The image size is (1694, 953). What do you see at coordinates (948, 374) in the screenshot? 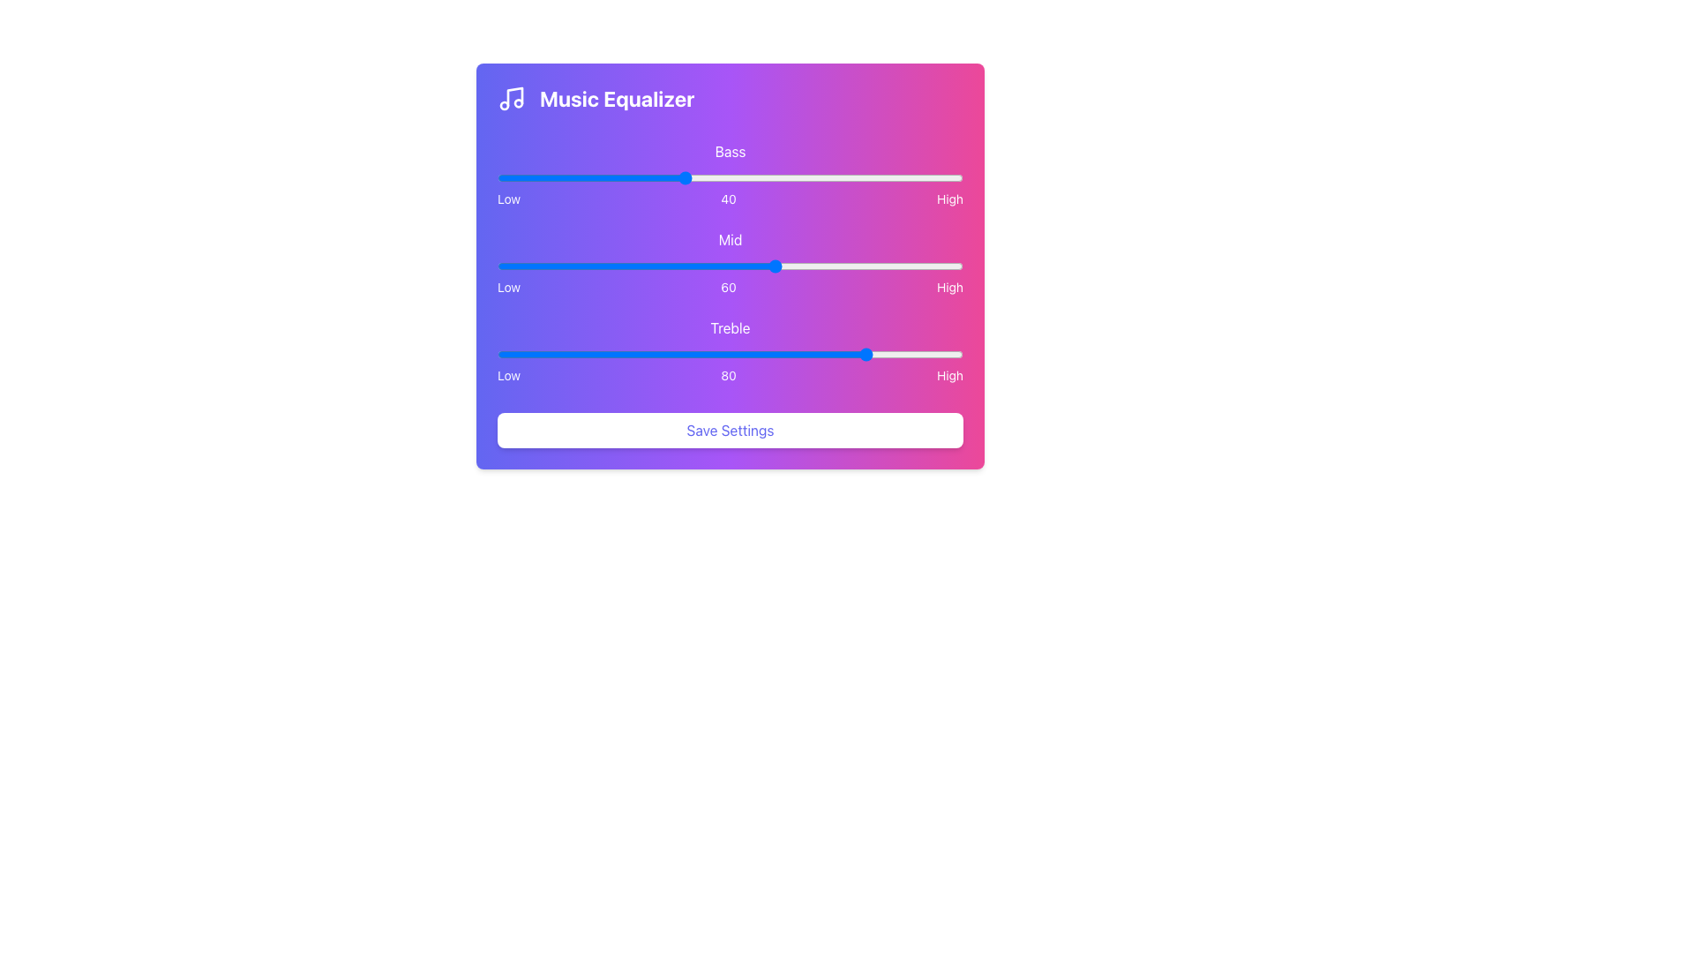
I see `the static text label displaying the word 'High' in white font on a pink background, which is the third item in a horizontal arrangement of texts representing a scale` at bounding box center [948, 374].